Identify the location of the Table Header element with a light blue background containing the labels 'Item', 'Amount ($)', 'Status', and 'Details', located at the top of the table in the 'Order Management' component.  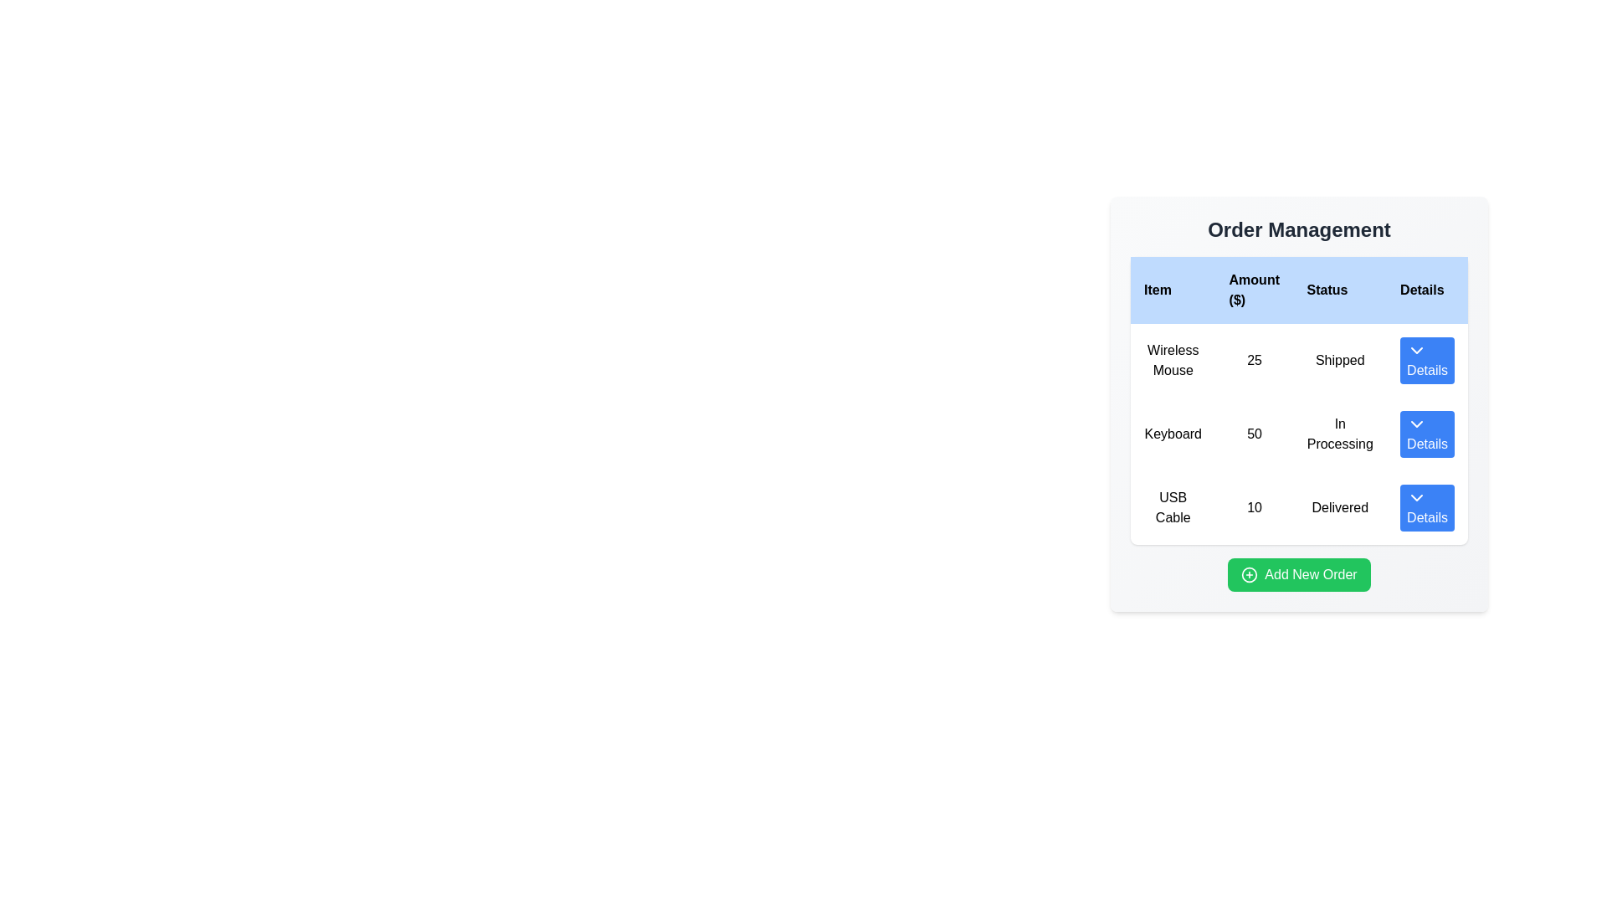
(1298, 290).